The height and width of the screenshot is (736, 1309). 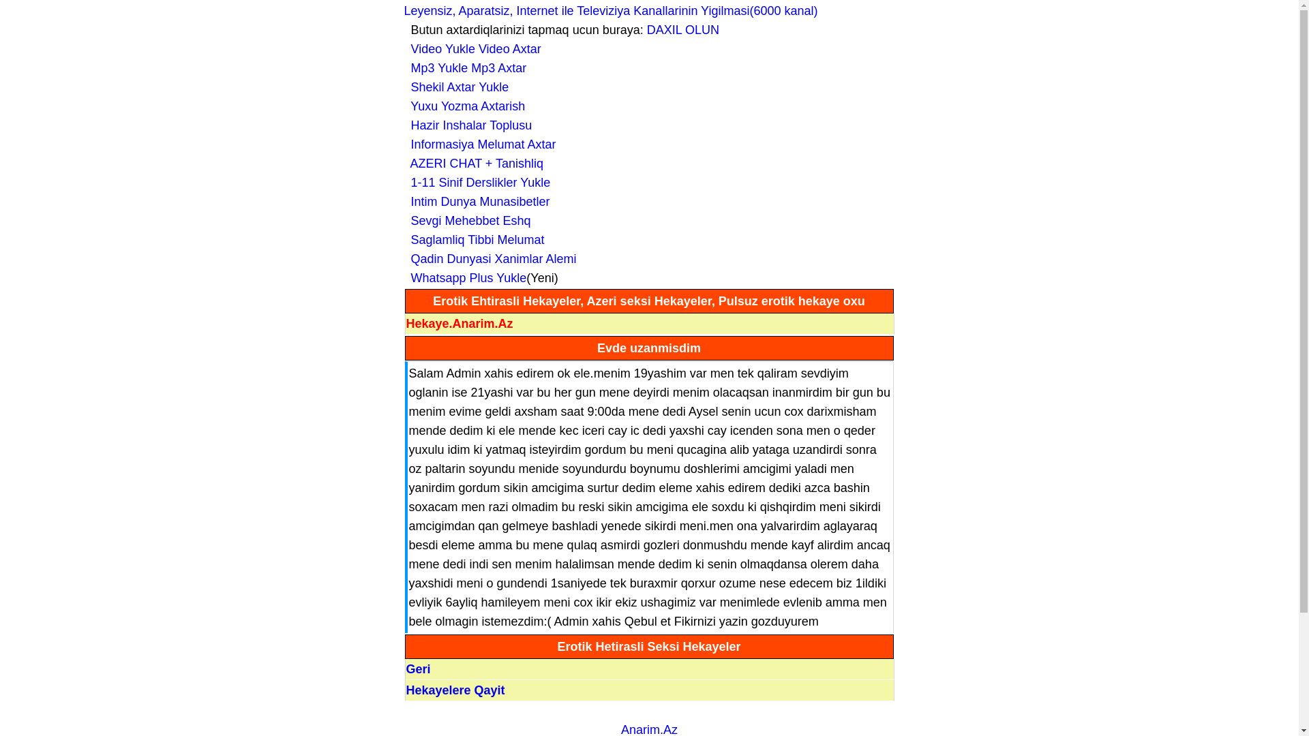 What do you see at coordinates (460, 323) in the screenshot?
I see `'Hekaye.Anarim.Az'` at bounding box center [460, 323].